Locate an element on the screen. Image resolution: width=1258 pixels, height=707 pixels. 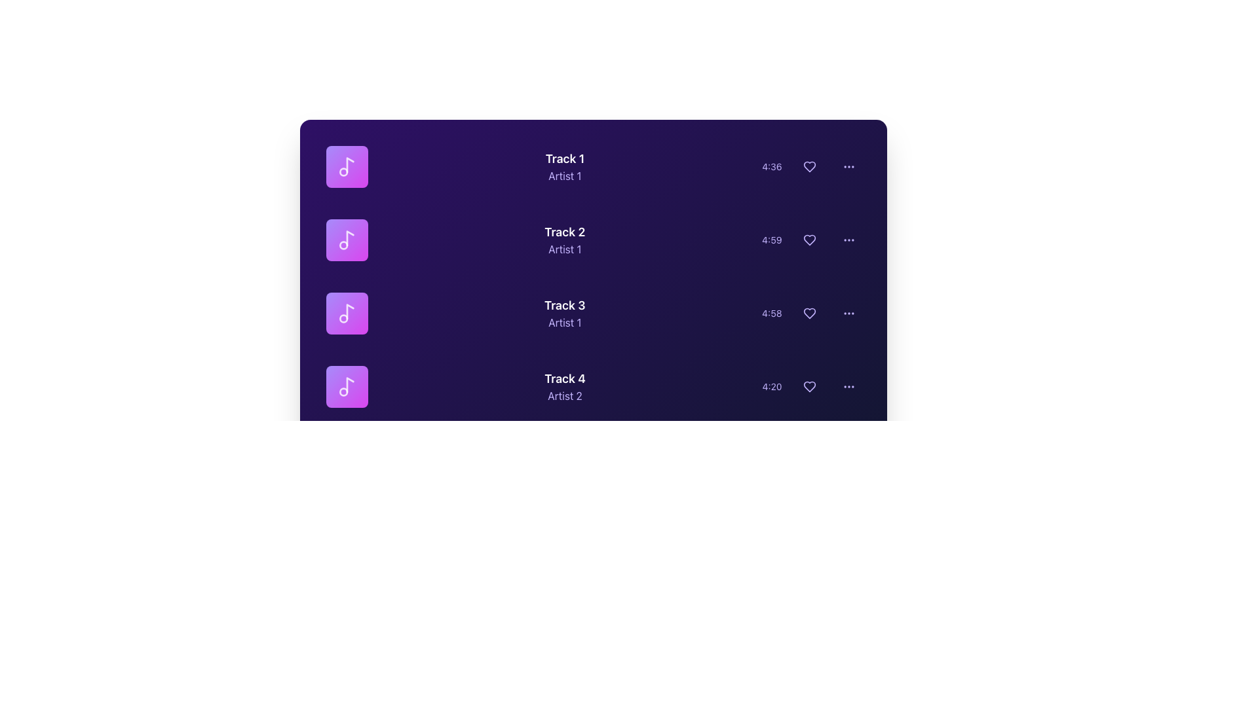
the Decorative Triangle Icon, which is a light violet triangular arrow located on a pink gradient-filled square background, positioned in the third row of square icons in the leftmost column is located at coordinates (347, 313).